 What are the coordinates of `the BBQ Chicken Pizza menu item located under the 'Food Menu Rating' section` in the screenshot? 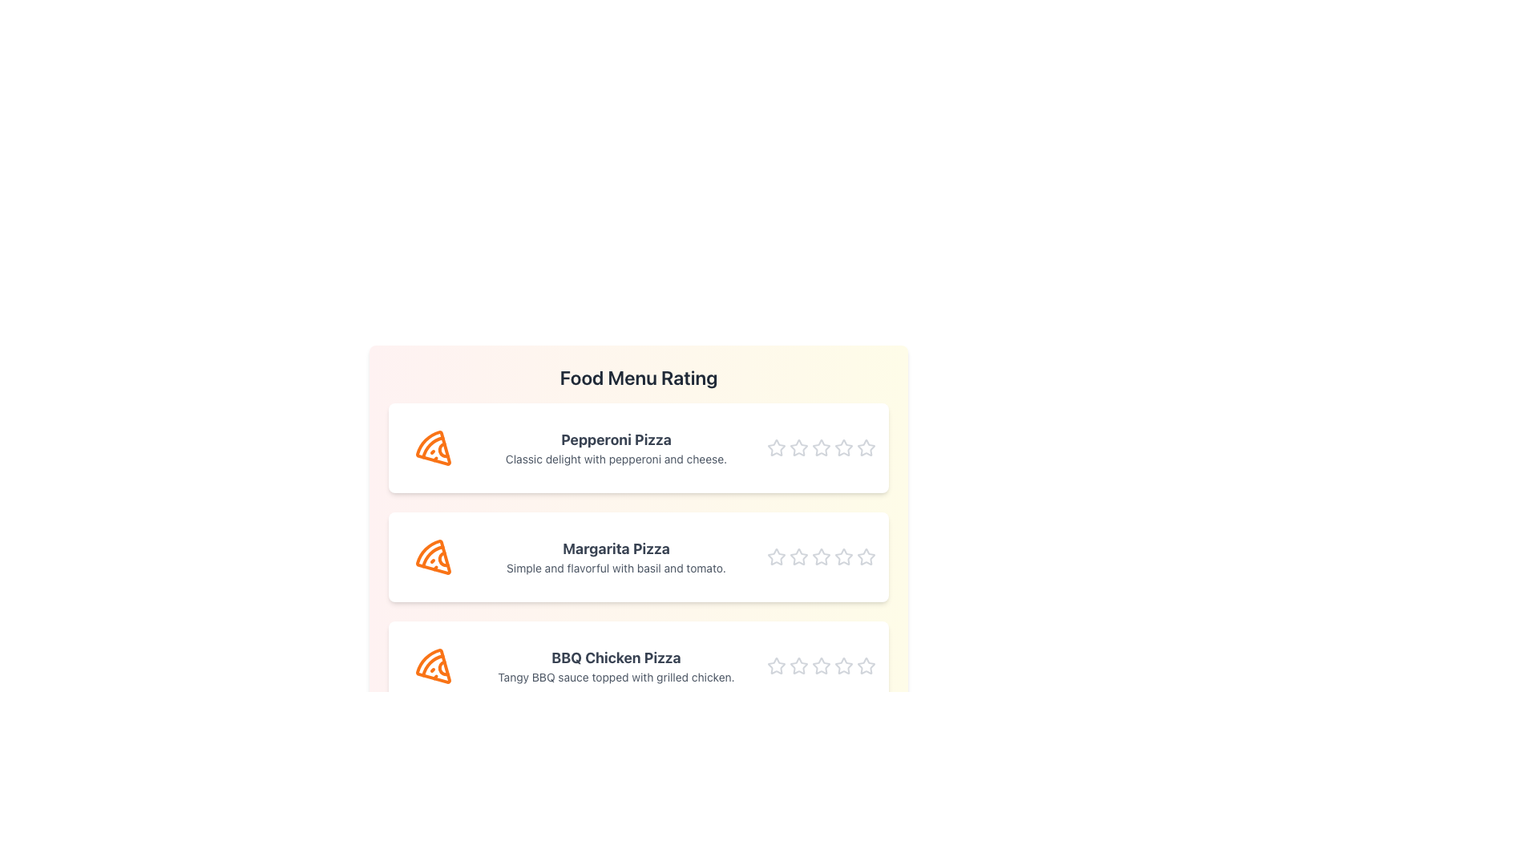 It's located at (637, 666).